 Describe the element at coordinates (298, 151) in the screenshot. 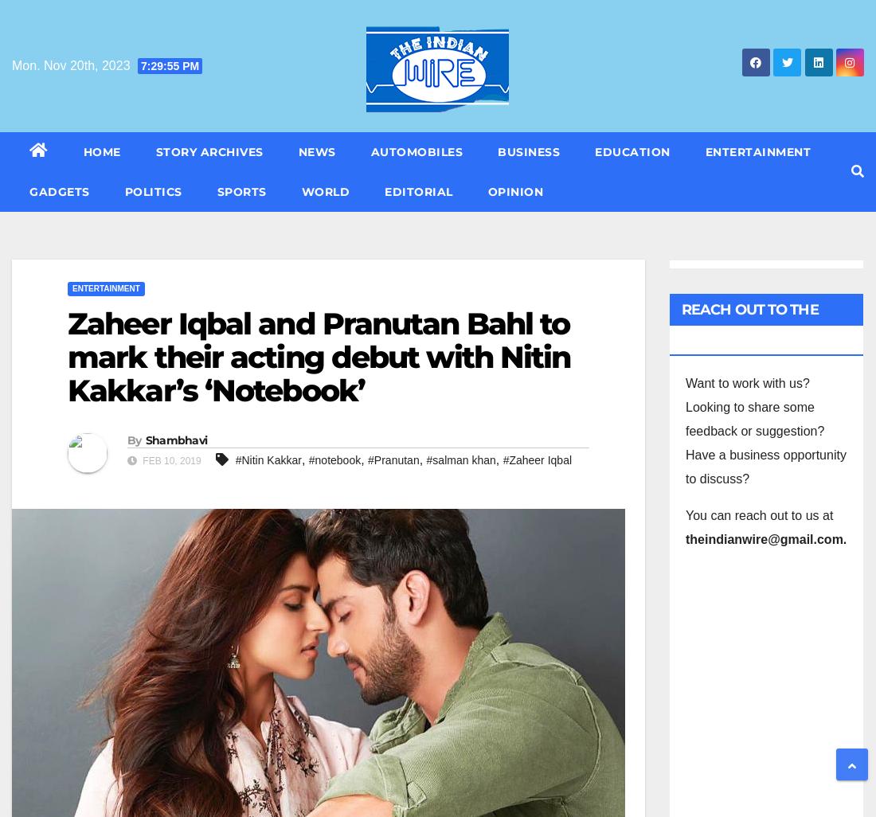

I see `'News'` at that location.